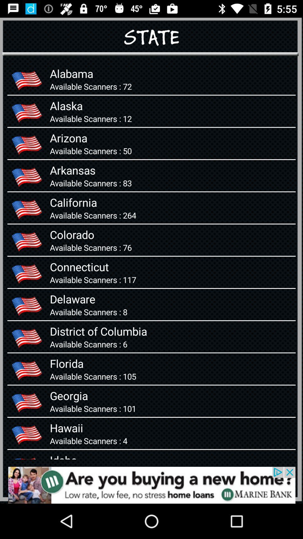  What do you see at coordinates (27, 433) in the screenshot?
I see `the mini image right to hawaii` at bounding box center [27, 433].